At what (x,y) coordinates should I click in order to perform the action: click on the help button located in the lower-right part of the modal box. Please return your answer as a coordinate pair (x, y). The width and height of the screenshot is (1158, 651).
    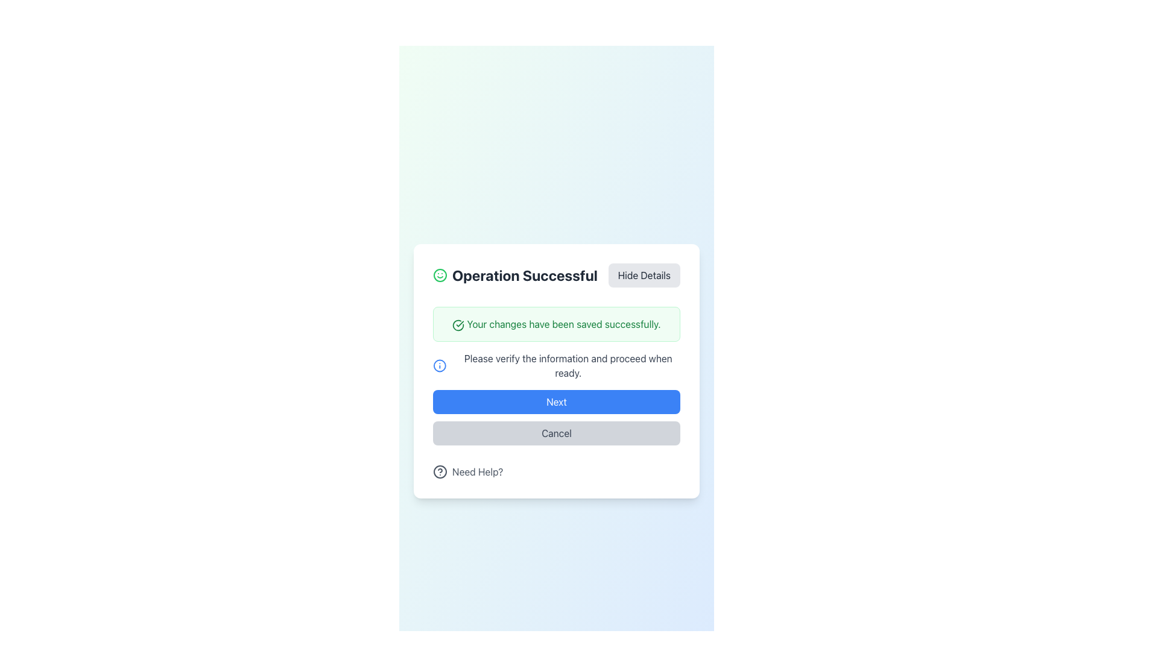
    Looking at the image, I should click on (467, 471).